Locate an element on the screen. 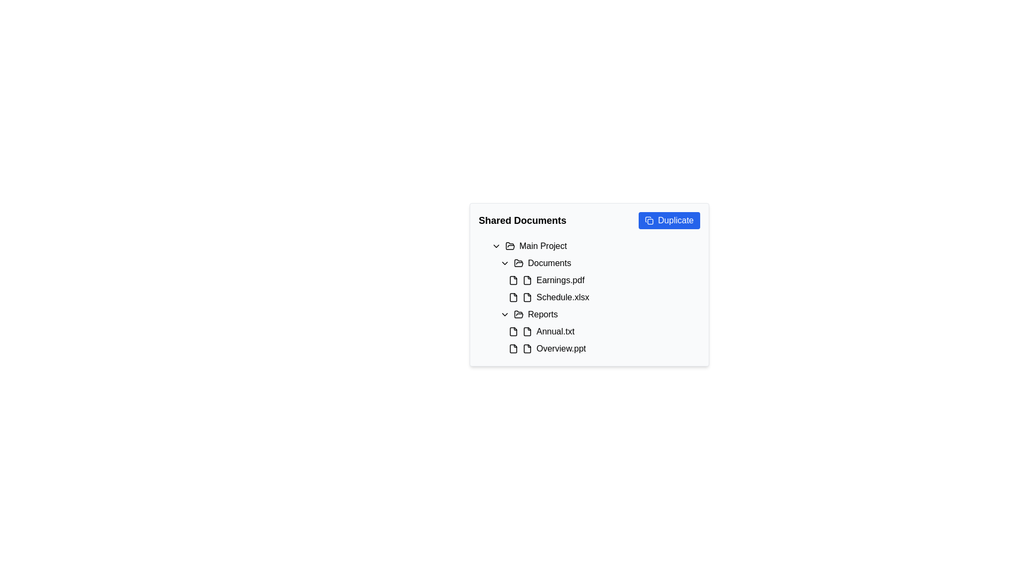 Image resolution: width=1027 pixels, height=577 pixels. the label is located at coordinates (560, 279).